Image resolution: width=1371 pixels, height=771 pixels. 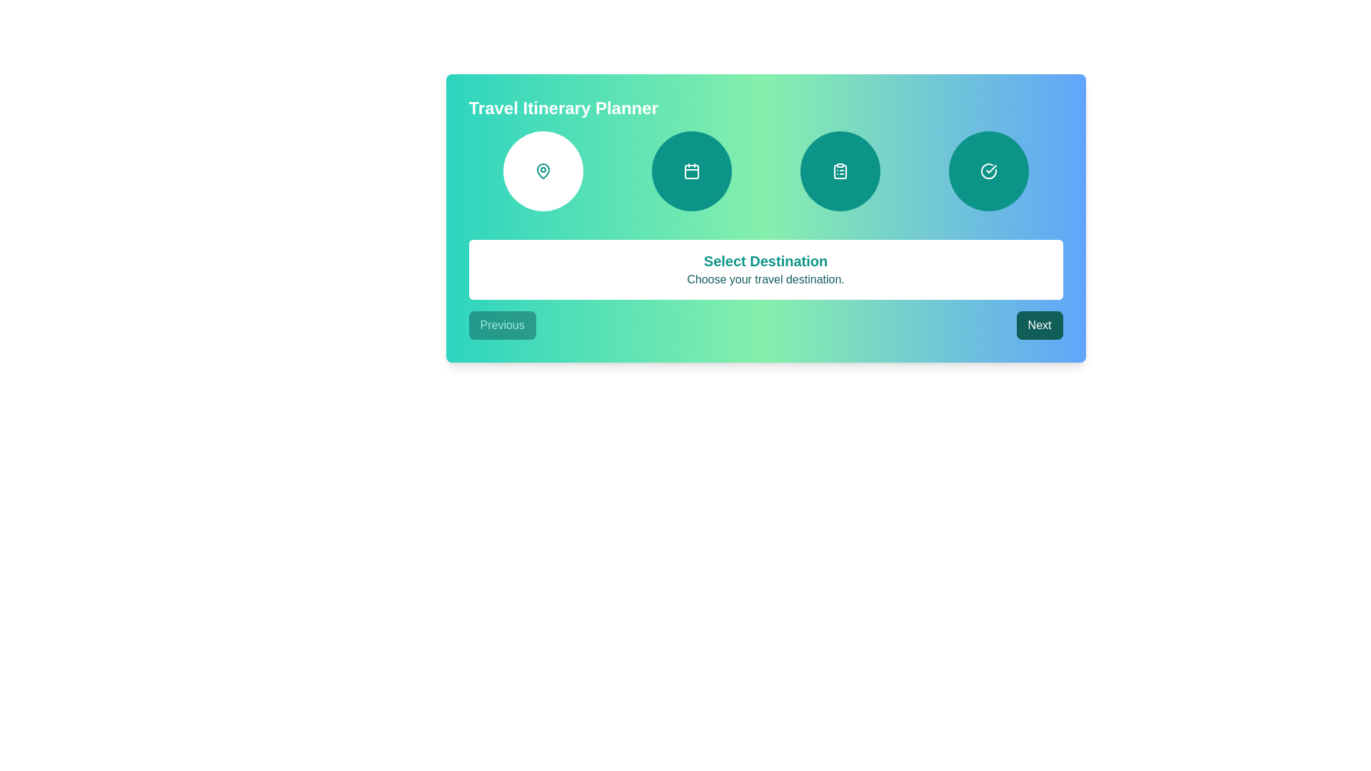 I want to click on the third circular button located between a calendar icon and a checkmark icon in the gradient section, so click(x=840, y=170).